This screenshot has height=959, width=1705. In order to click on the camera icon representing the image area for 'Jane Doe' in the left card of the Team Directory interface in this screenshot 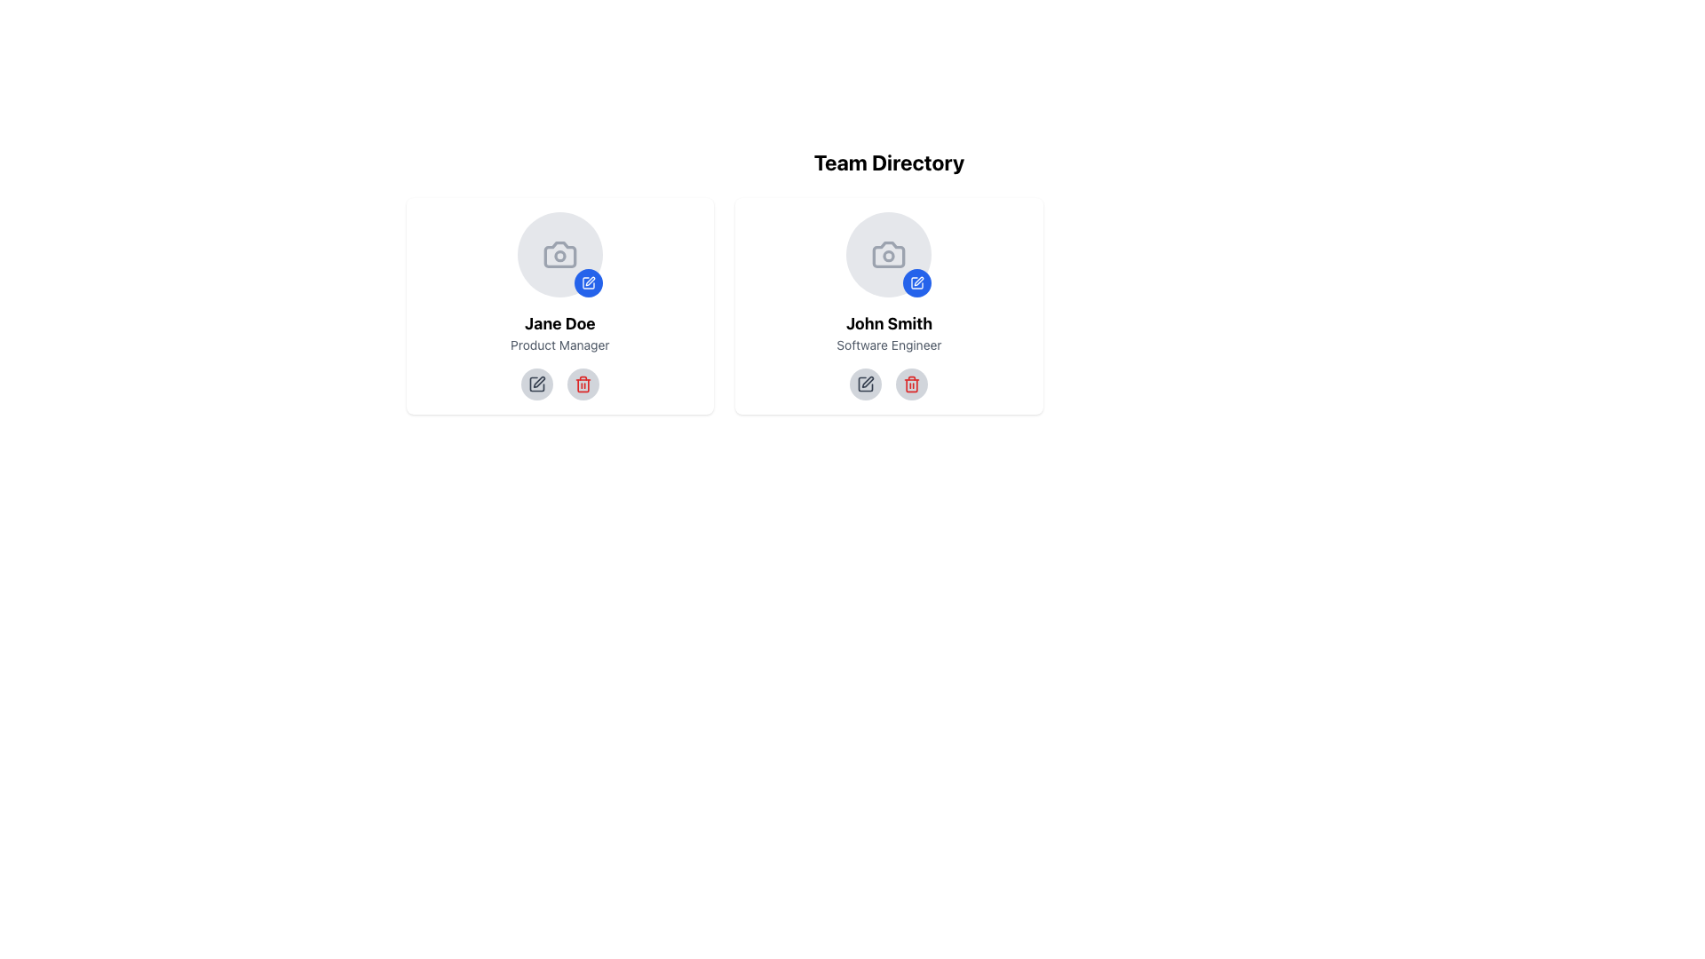, I will do `click(559, 254)`.